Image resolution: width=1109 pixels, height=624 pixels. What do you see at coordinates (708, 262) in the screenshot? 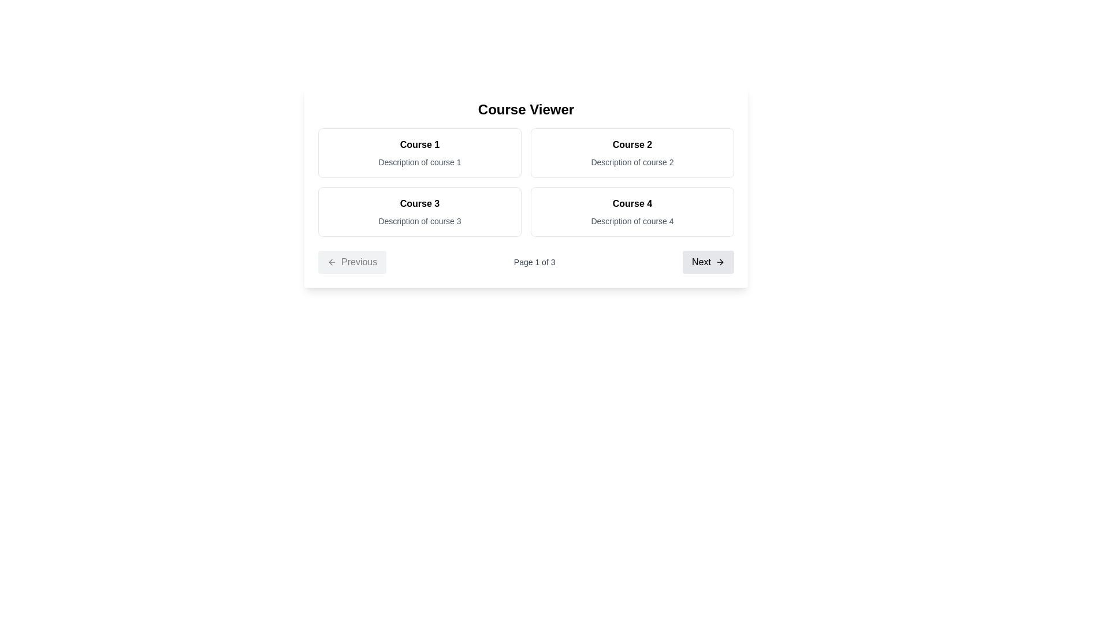
I see `the navigation button located at the lower right corner of the layout, which is the rightmost button next to 'Page 1 of 3' and the 'Previous' button, for visual feedback` at bounding box center [708, 262].